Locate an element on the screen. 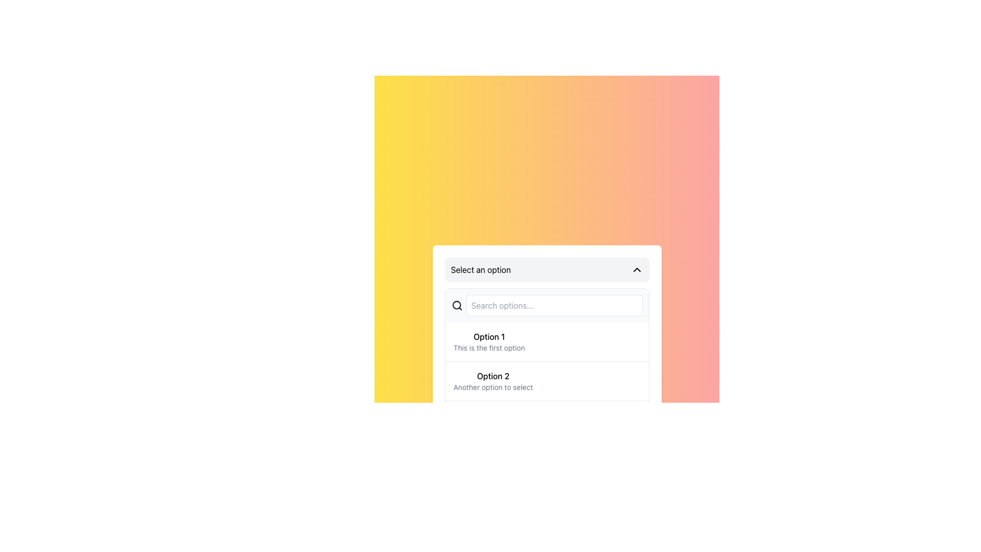 This screenshot has height=552, width=981. the first selectable item in the dropdown menu labeled 'Option 1' is located at coordinates (546, 351).